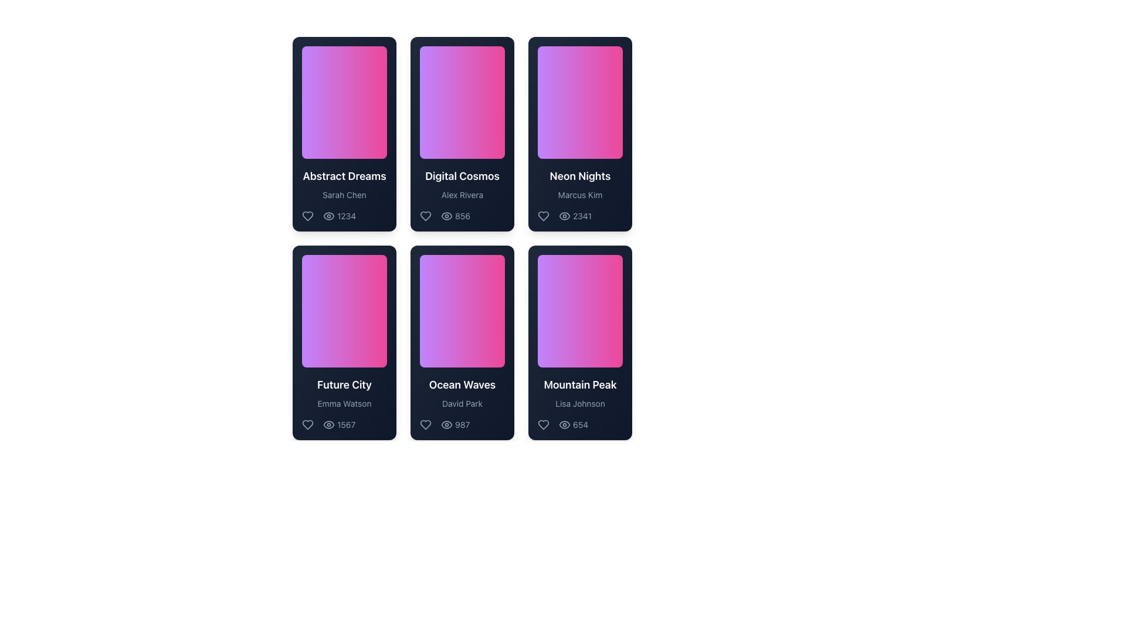  What do you see at coordinates (565, 216) in the screenshot?
I see `the eye icon located to the left of the number '2341' in the 'Neon Nights' card` at bounding box center [565, 216].